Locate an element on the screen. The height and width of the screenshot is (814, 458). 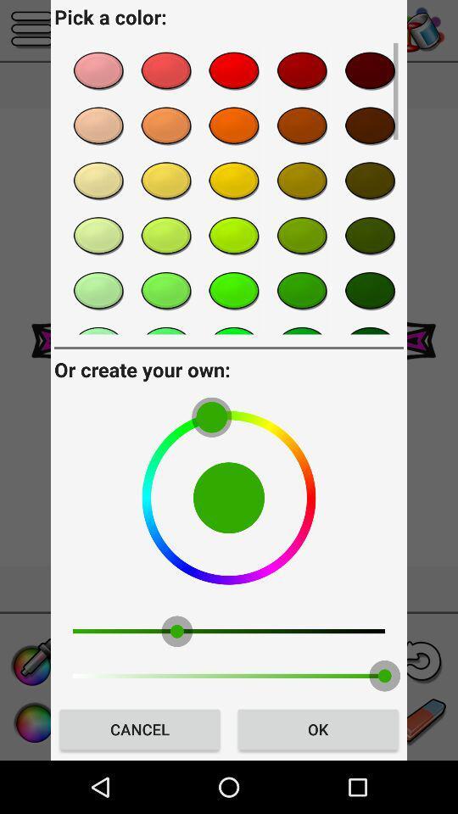
icon at the bottom right corner is located at coordinates (317, 728).